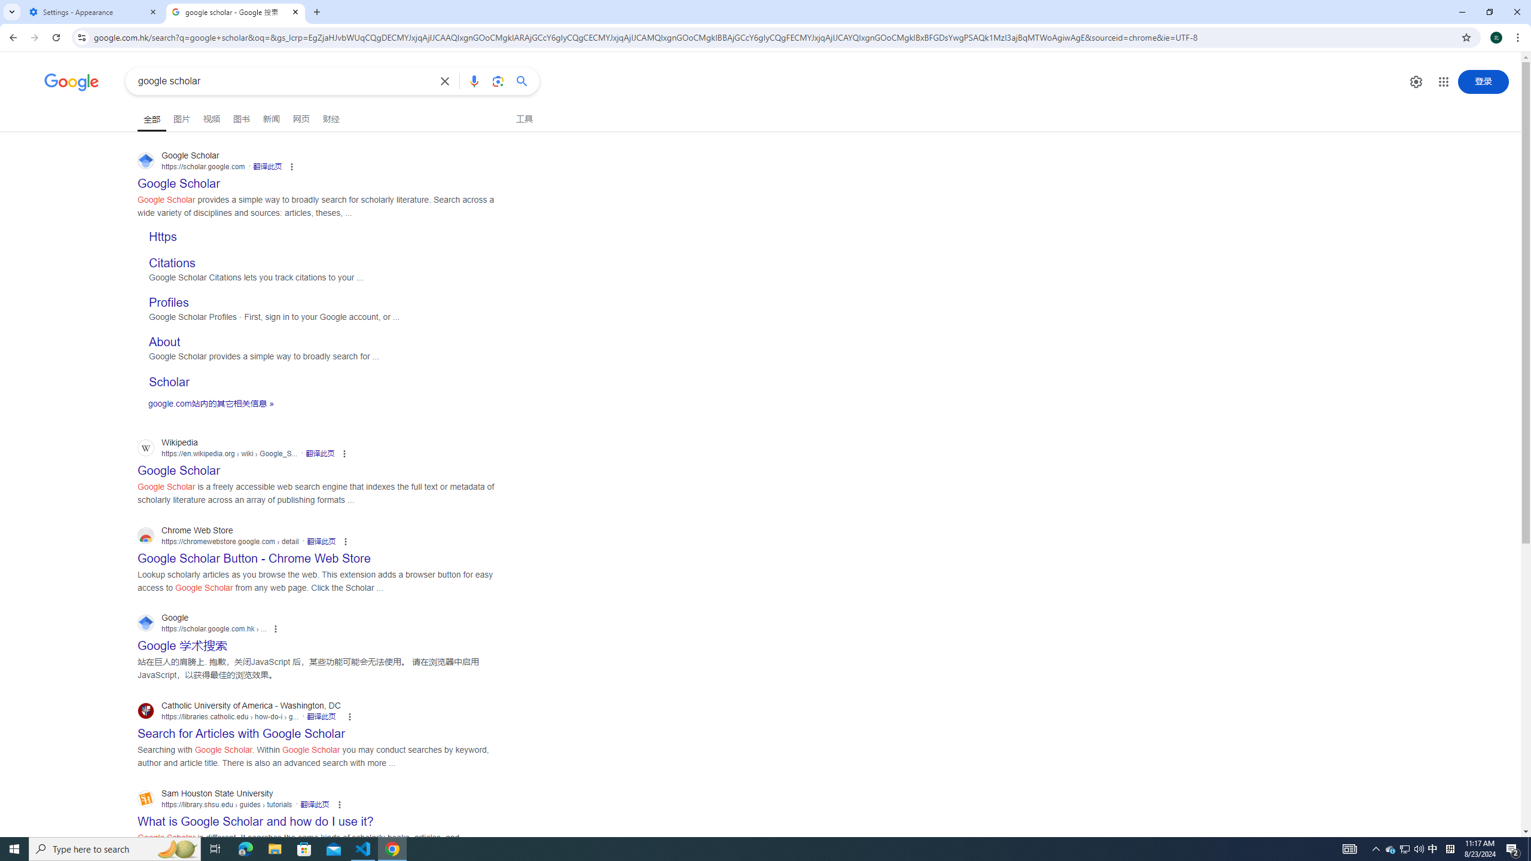  Describe the element at coordinates (168, 302) in the screenshot. I see `'Profiles'` at that location.